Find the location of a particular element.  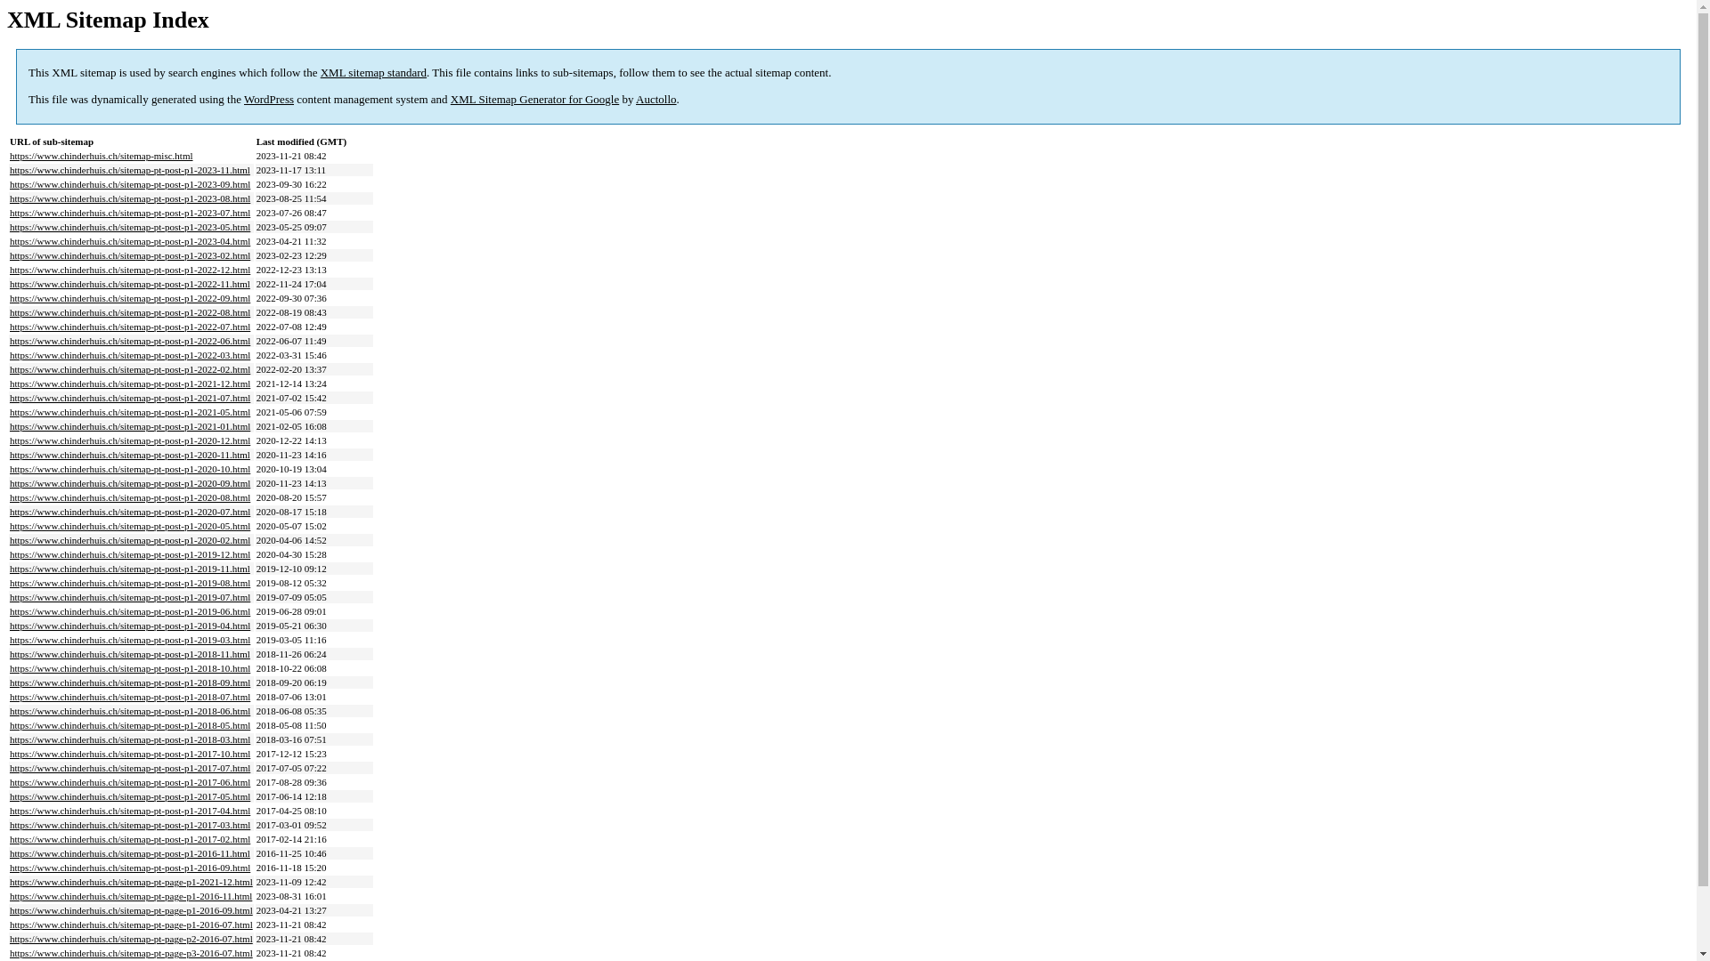

'https://www.chinderhuis.ch/sitemap-pt-post-p1-2022-03.html' is located at coordinates (9, 354).